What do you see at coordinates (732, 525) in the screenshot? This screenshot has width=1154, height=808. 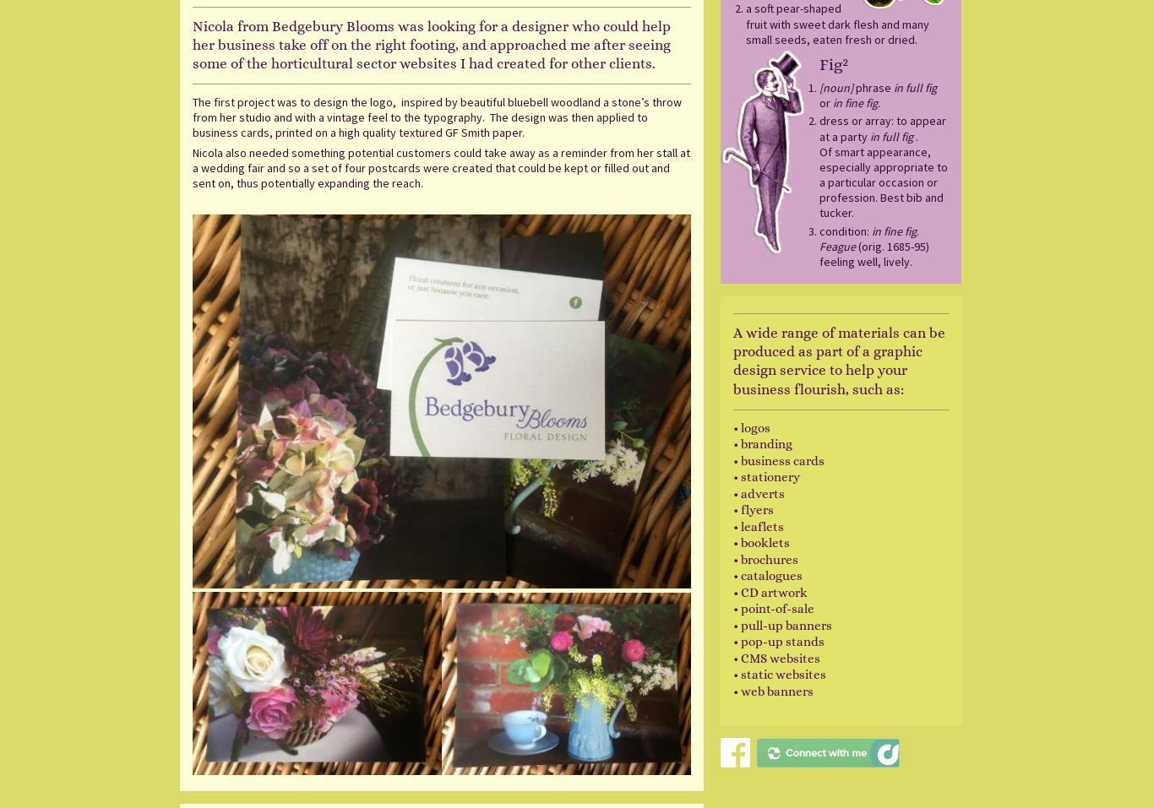 I see `'• leaflets'` at bounding box center [732, 525].